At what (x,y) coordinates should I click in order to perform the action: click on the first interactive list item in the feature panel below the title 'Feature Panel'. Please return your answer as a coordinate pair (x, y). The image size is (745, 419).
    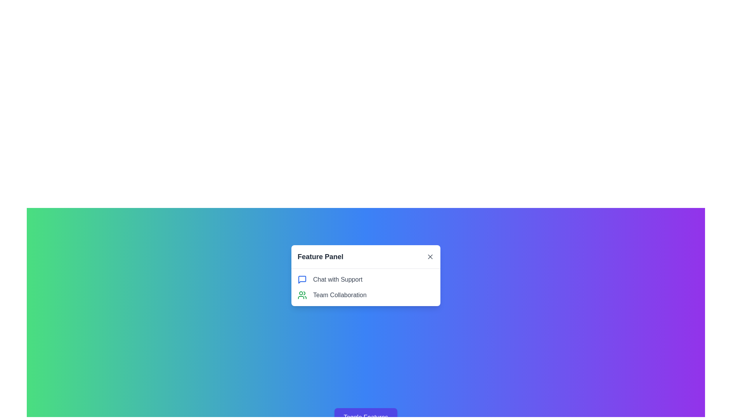
    Looking at the image, I should click on (365, 275).